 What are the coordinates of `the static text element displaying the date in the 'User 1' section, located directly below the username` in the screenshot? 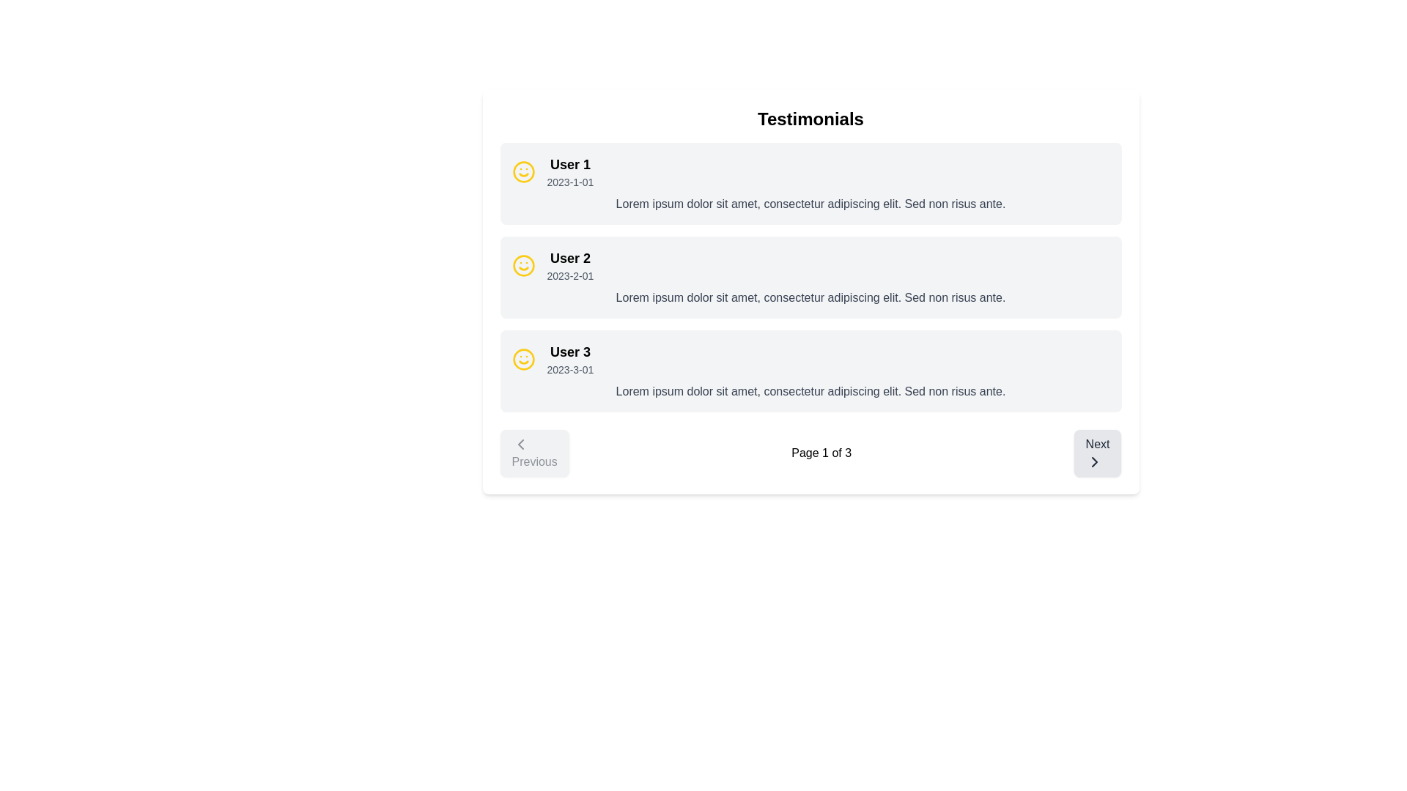 It's located at (569, 182).